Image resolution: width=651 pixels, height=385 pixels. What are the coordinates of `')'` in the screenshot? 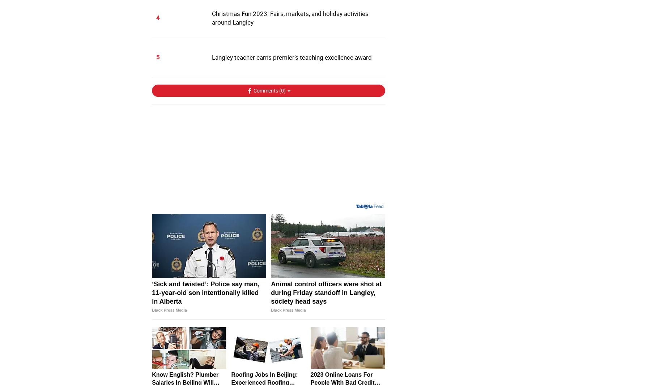 It's located at (283, 90).